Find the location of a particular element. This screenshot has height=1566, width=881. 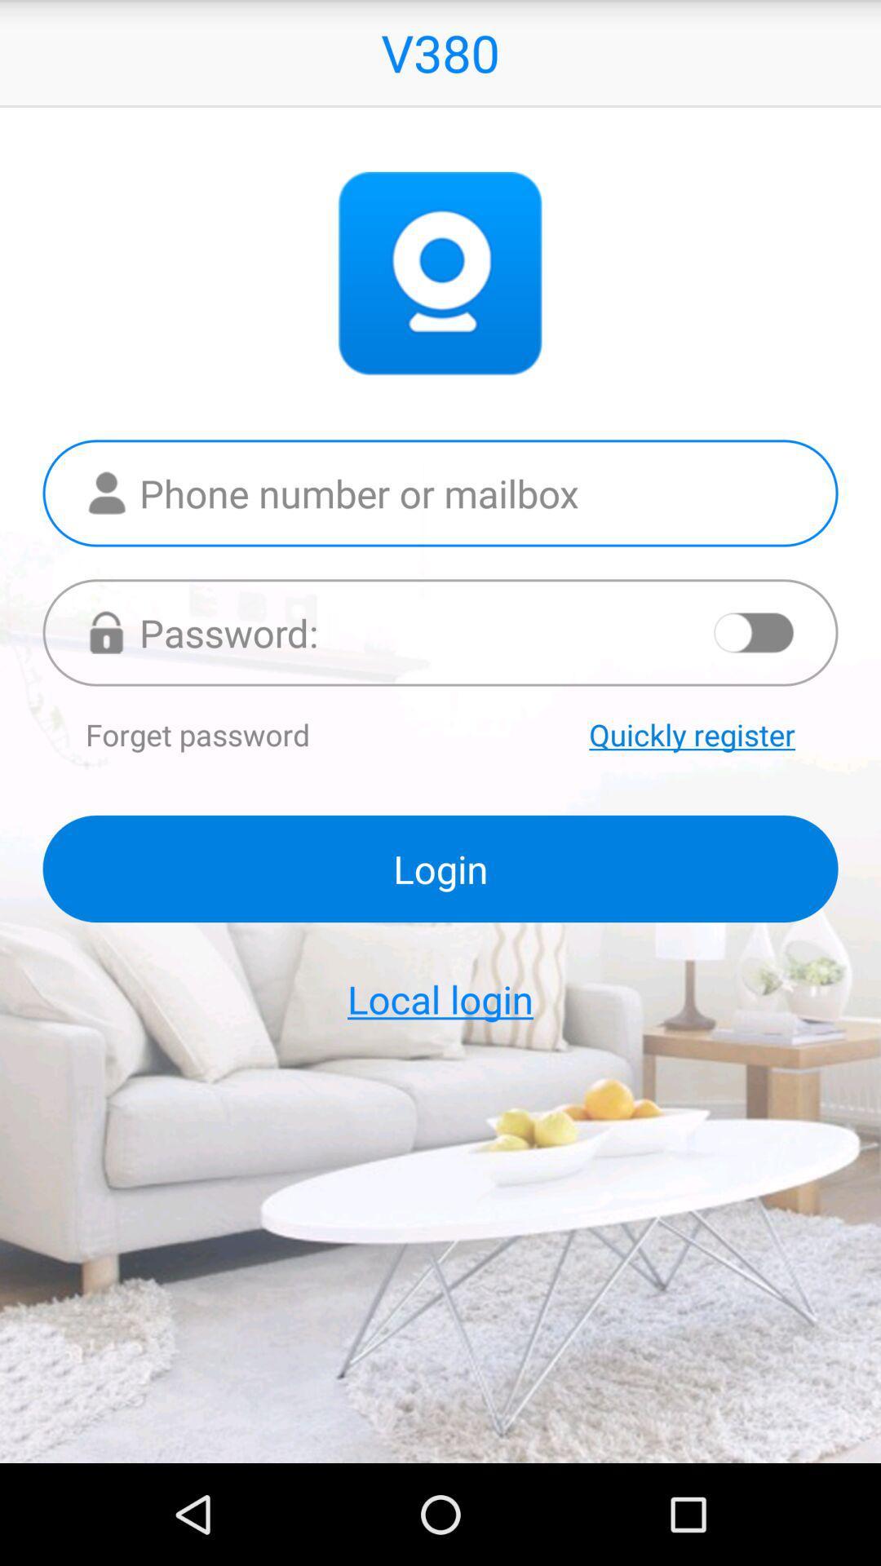

login page is located at coordinates (440, 631).